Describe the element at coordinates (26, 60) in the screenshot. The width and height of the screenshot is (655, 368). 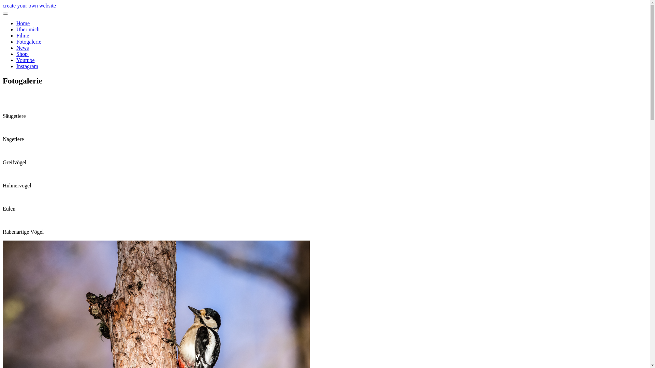
I see `'Youtube'` at that location.